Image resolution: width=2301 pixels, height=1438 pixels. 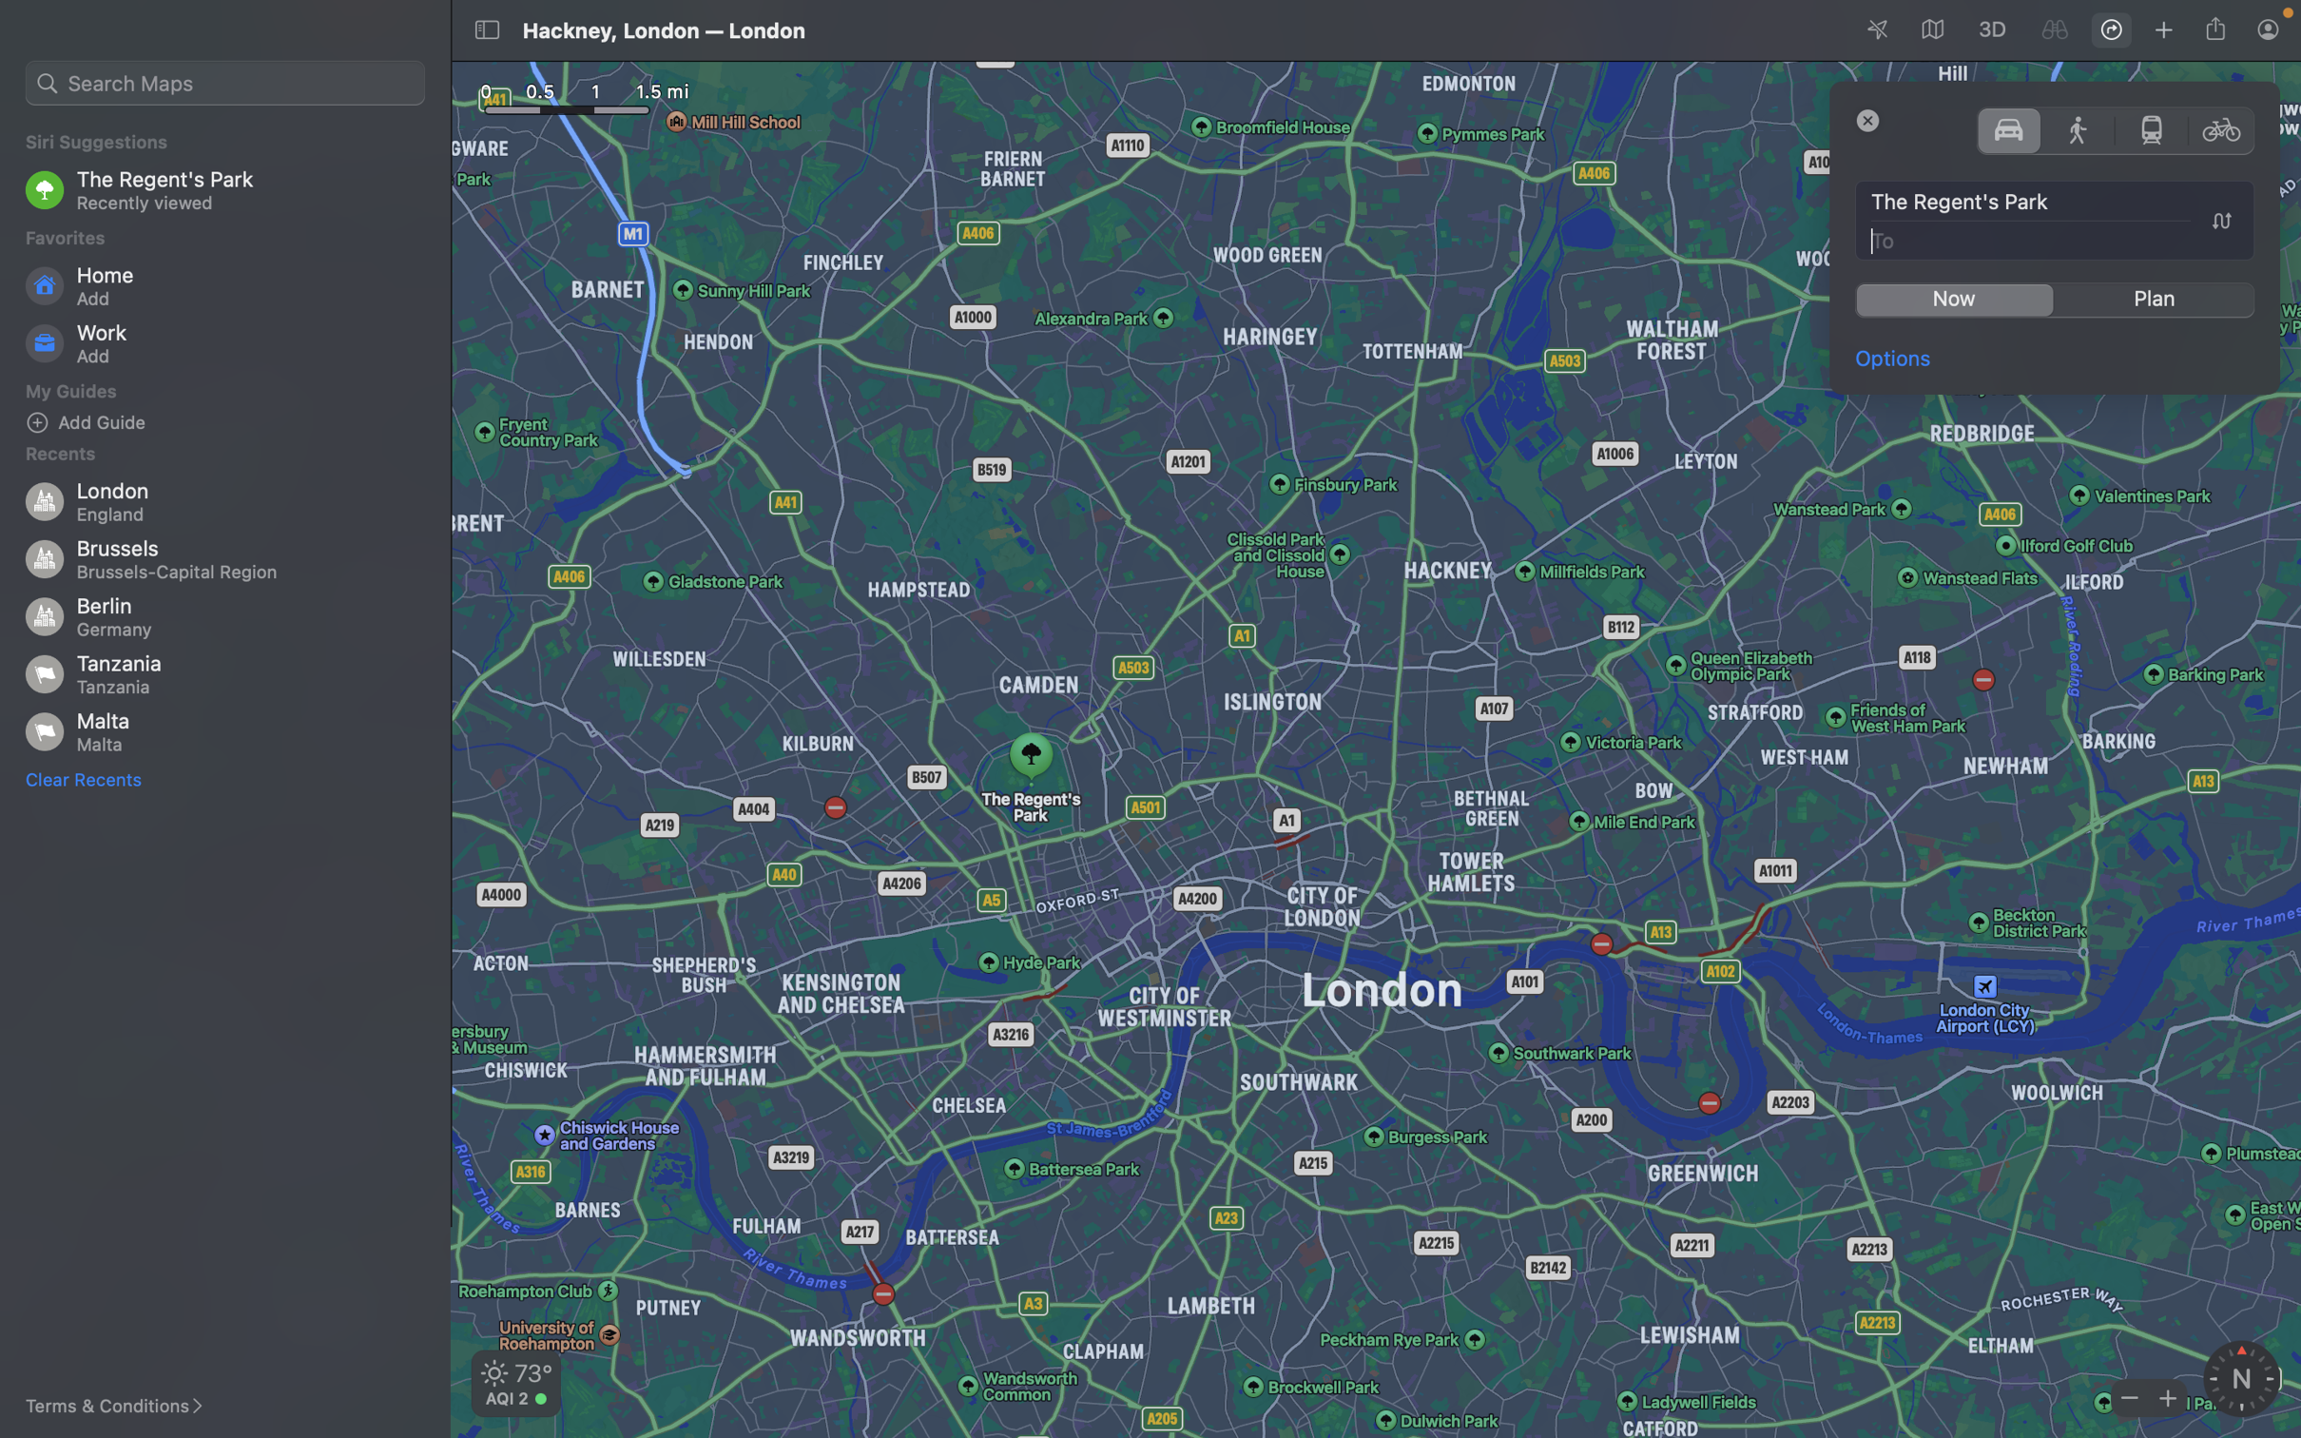 What do you see at coordinates (2008, 128) in the screenshot?
I see `Change transit mode to driving` at bounding box center [2008, 128].